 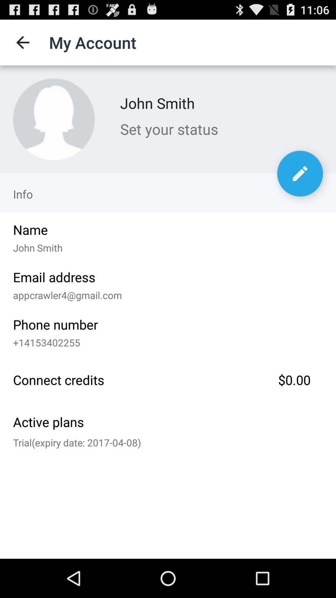 I want to click on open information page, so click(x=300, y=173).